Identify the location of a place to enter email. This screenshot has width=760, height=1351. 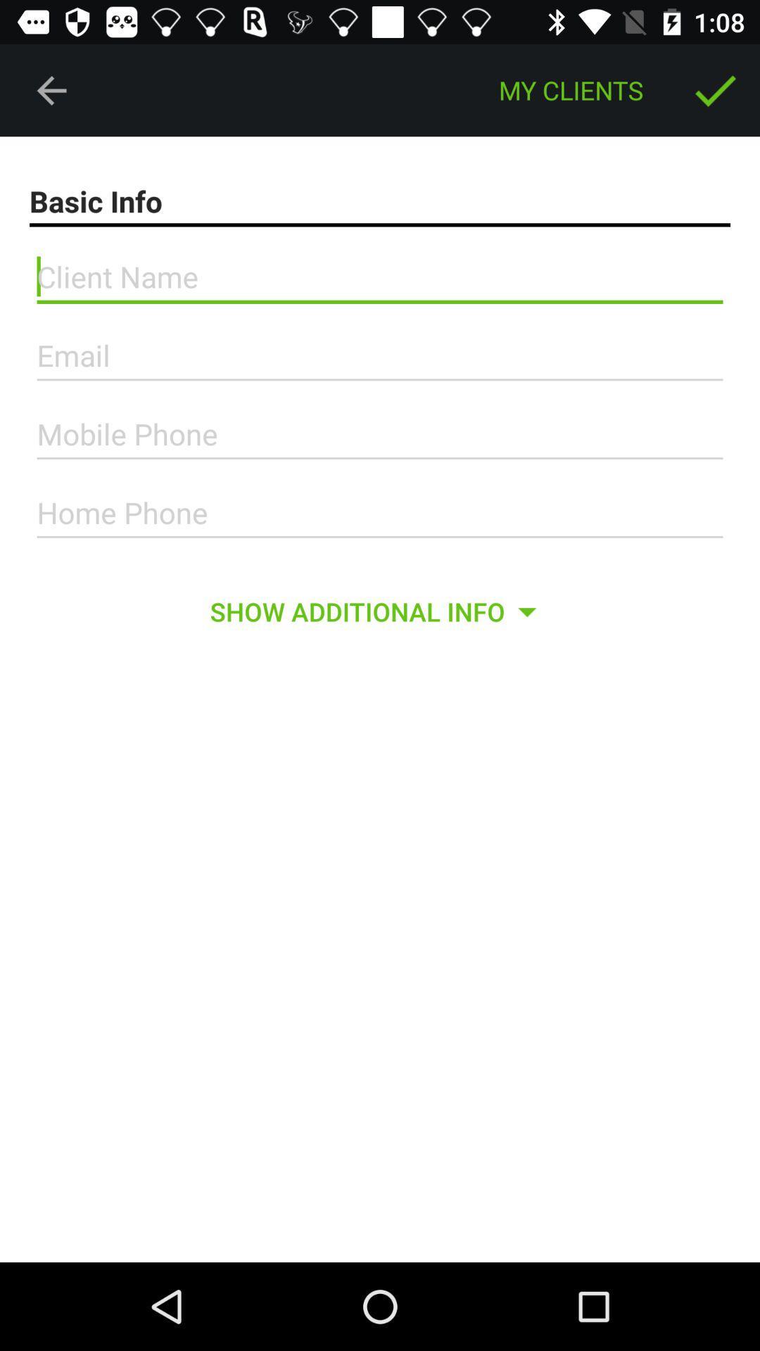
(380, 355).